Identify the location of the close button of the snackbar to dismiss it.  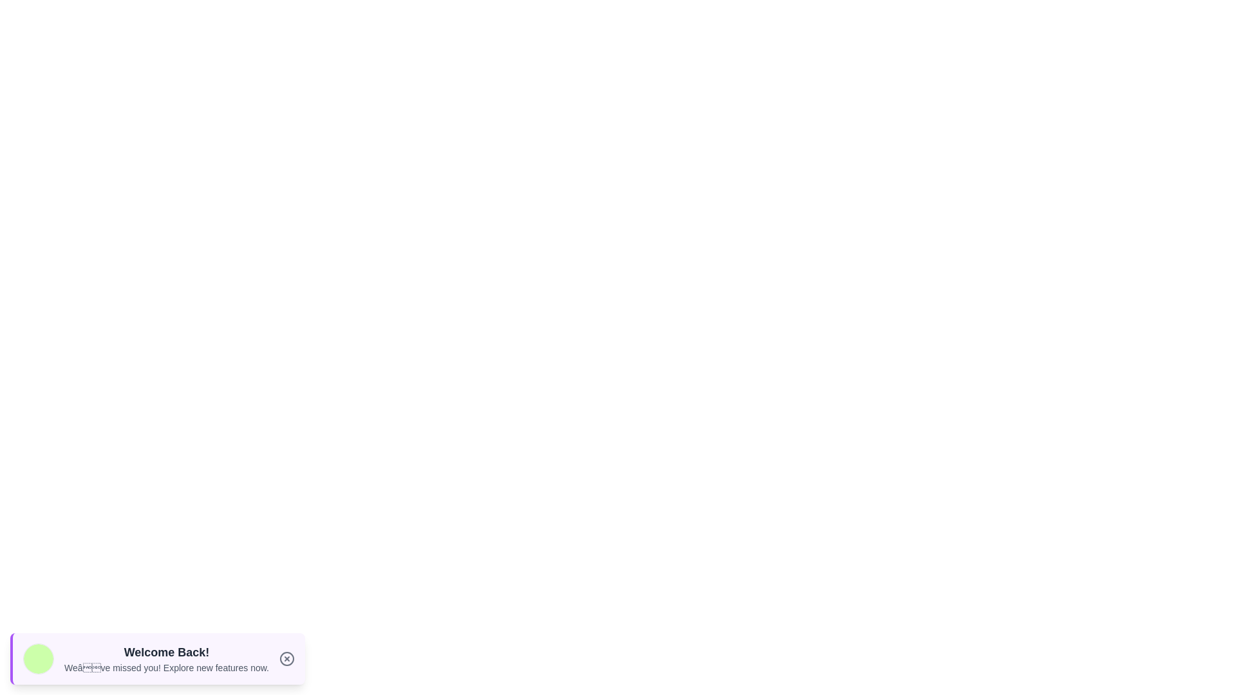
(286, 658).